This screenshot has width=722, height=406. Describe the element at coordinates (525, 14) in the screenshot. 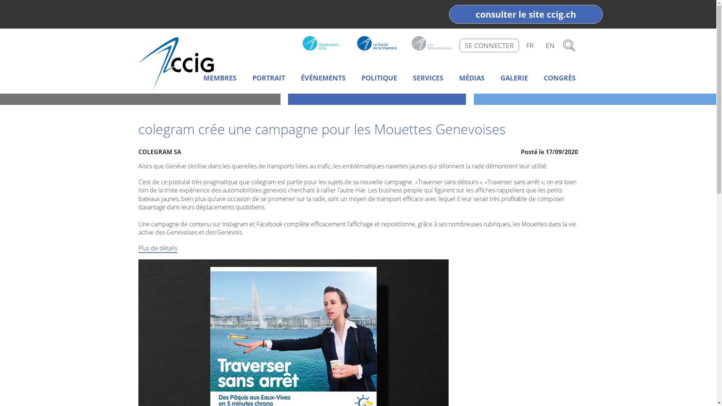

I see `'consulter le site ccig.ch'` at that location.